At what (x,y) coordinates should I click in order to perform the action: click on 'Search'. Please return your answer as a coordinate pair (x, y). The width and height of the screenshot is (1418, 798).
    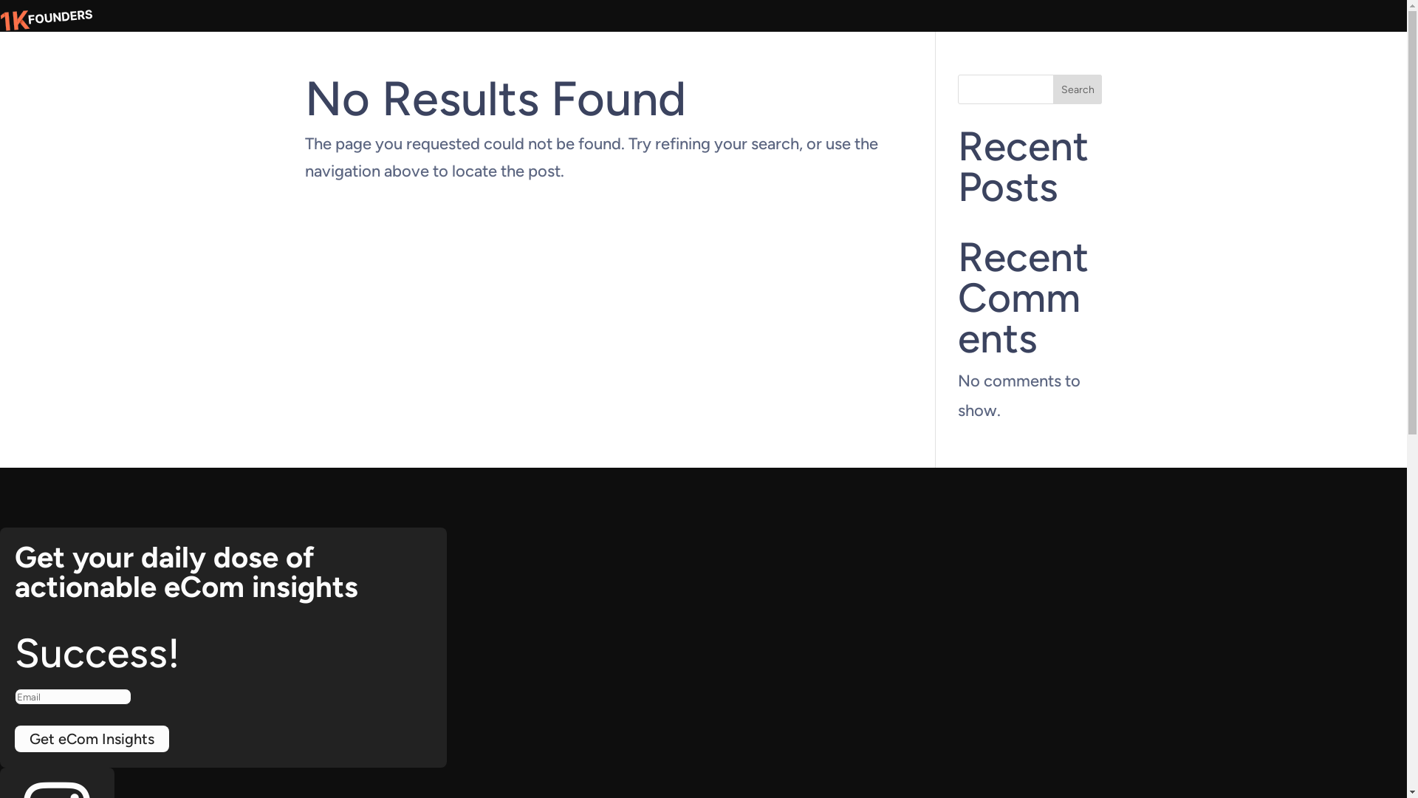
    Looking at the image, I should click on (1078, 89).